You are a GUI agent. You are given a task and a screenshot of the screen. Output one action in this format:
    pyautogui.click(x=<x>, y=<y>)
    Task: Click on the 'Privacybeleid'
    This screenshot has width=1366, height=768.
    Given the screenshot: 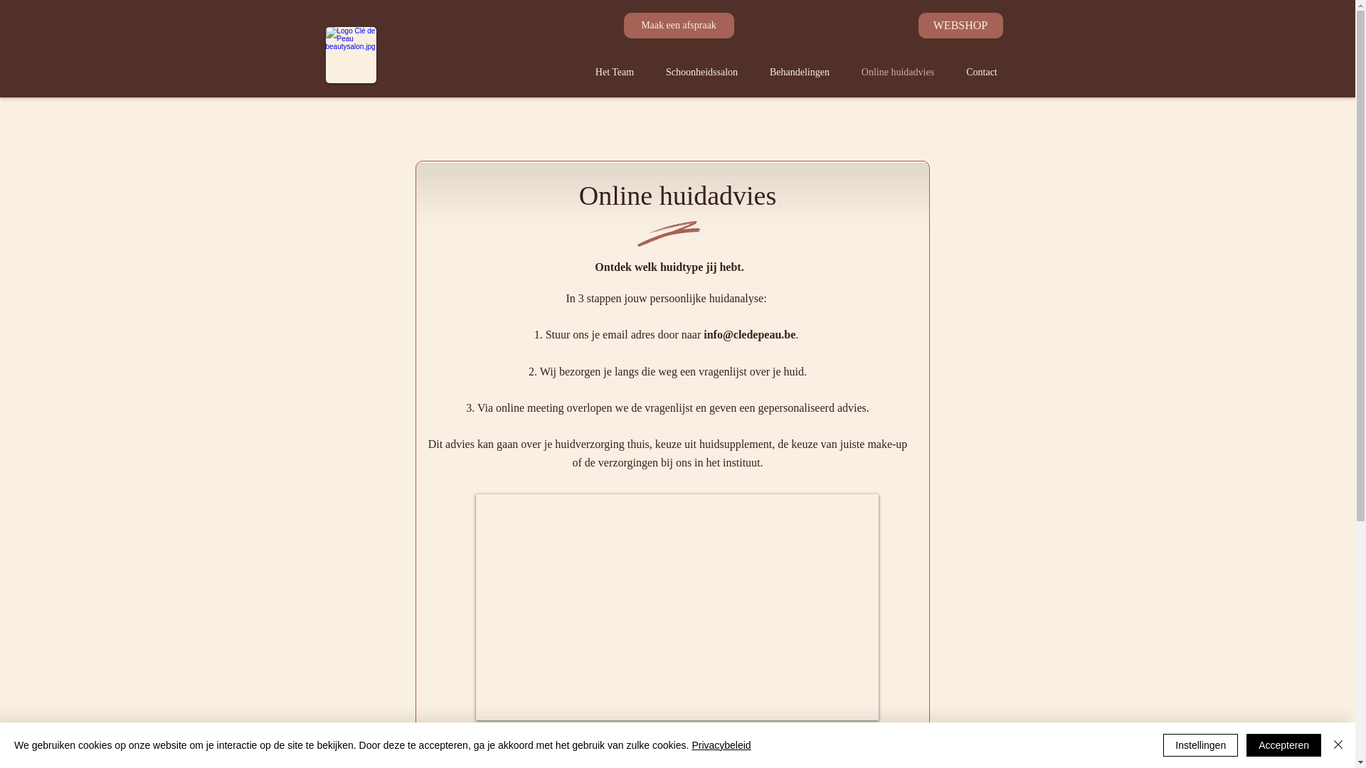 What is the action you would take?
    pyautogui.click(x=721, y=745)
    